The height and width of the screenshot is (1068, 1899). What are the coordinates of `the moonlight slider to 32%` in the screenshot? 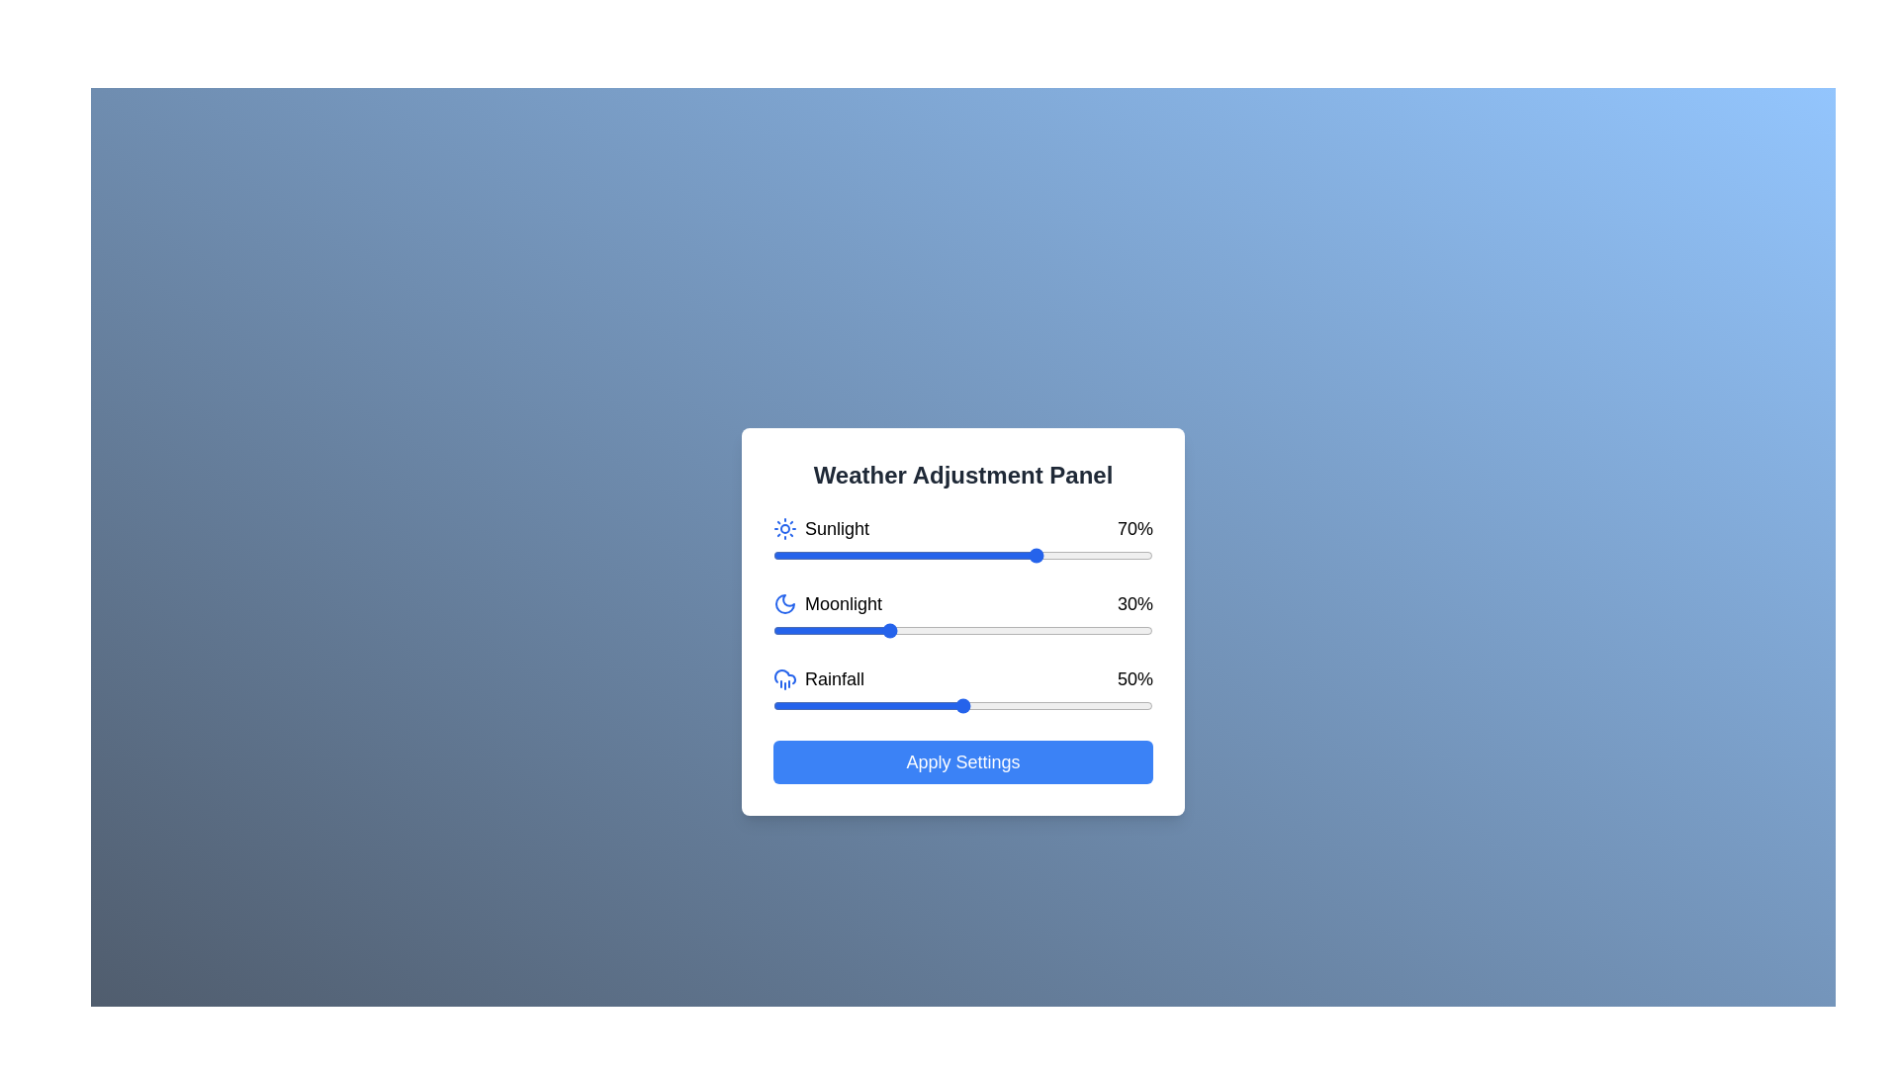 It's located at (893, 630).